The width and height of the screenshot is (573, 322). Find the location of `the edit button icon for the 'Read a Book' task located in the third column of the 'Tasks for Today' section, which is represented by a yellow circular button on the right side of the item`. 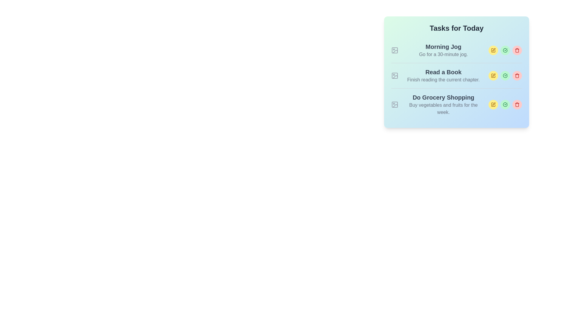

the edit button icon for the 'Read a Book' task located in the third column of the 'Tasks for Today' section, which is represented by a yellow circular button on the right side of the item is located at coordinates (493, 75).